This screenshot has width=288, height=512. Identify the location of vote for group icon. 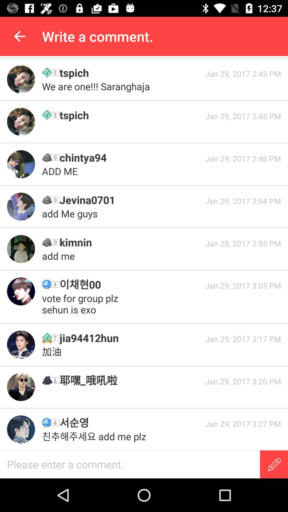
(81, 304).